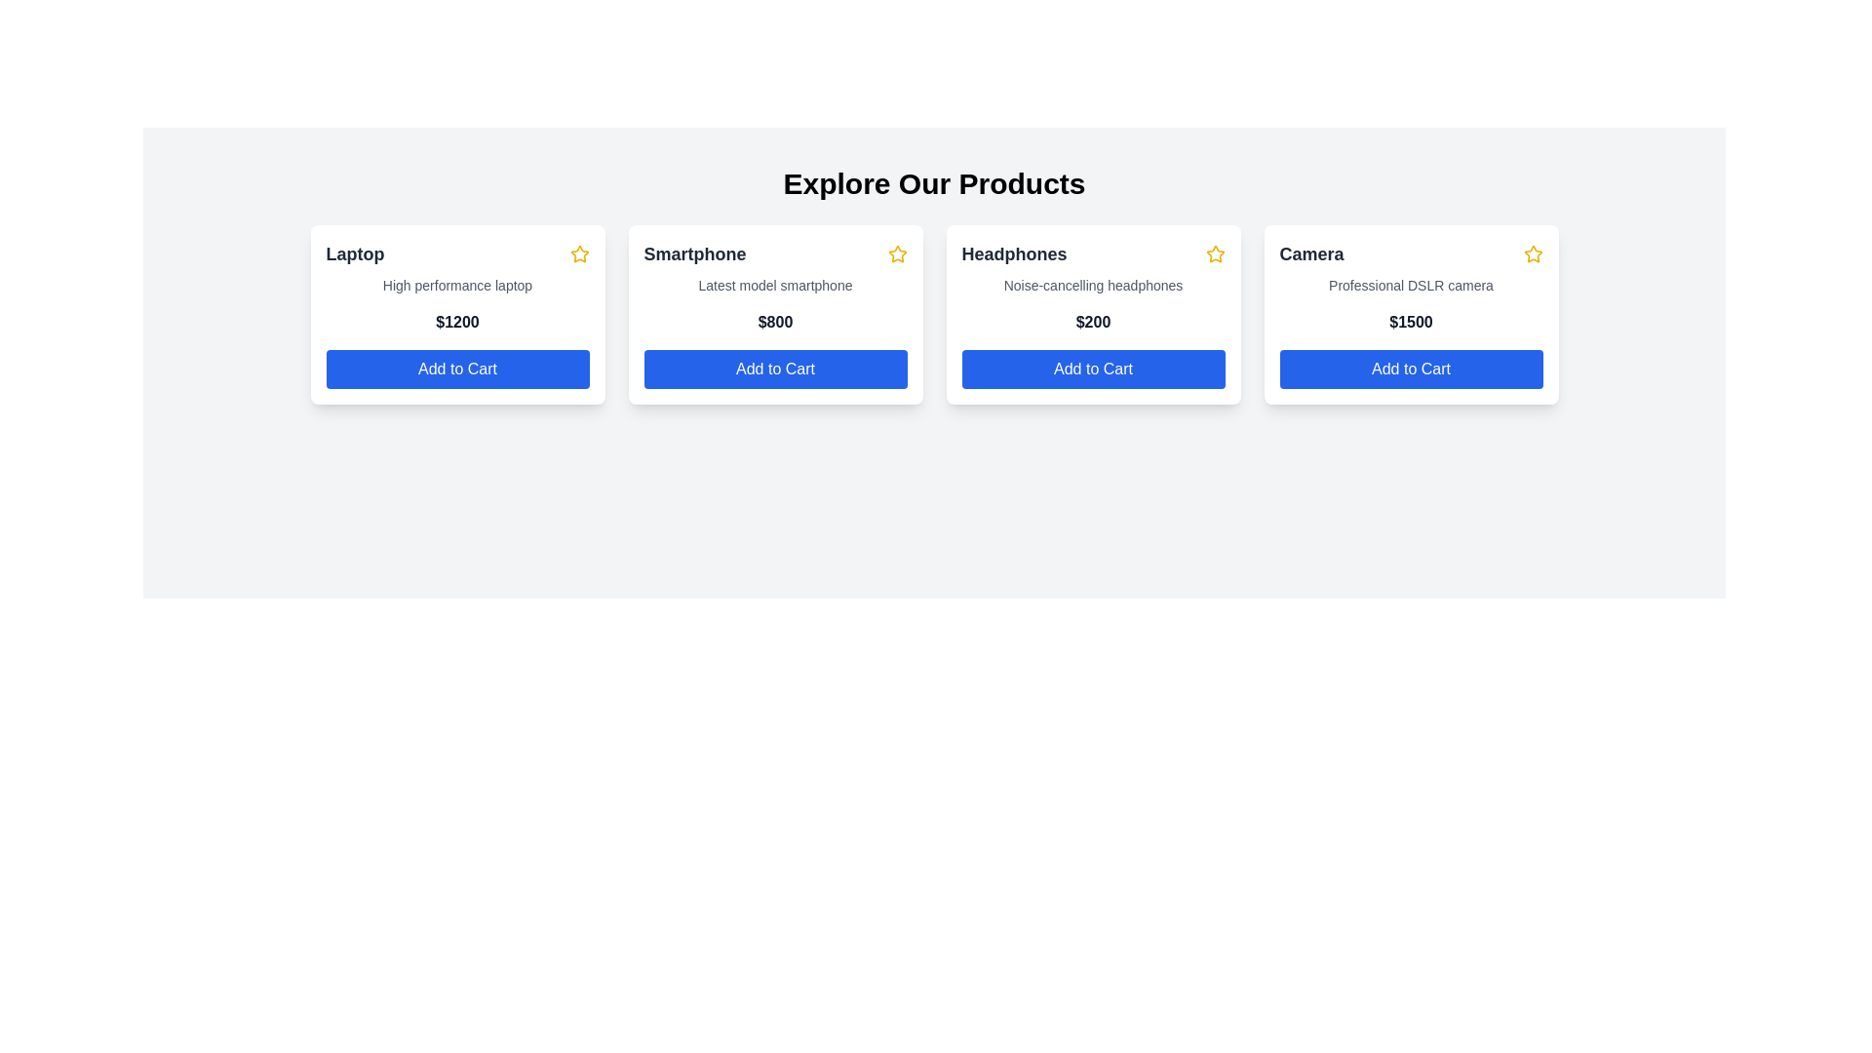  I want to click on the star icon indicating rating for the 'Smartphone' product located to the right of its title, so click(896, 253).